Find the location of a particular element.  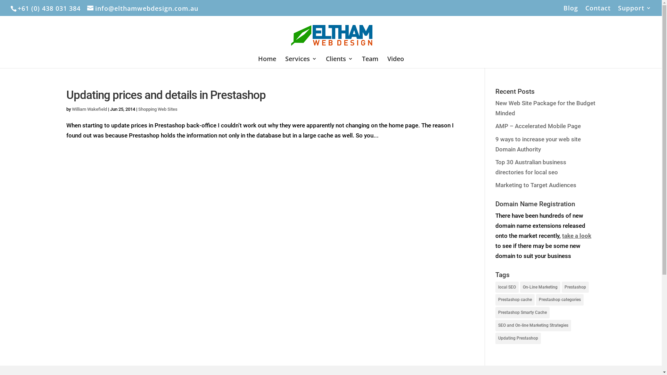

'Blog' is located at coordinates (570, 10).